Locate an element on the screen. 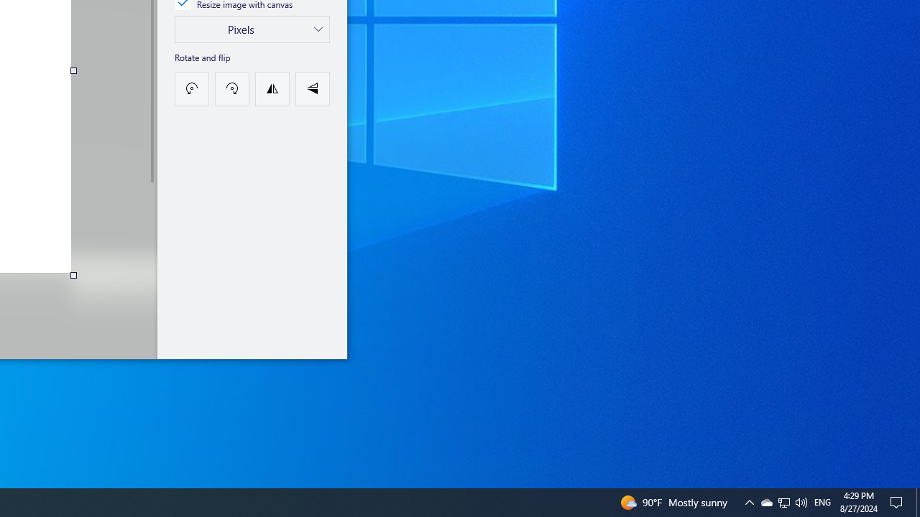 This screenshot has height=517, width=920. 'Action Center, No new notifications' is located at coordinates (898, 501).